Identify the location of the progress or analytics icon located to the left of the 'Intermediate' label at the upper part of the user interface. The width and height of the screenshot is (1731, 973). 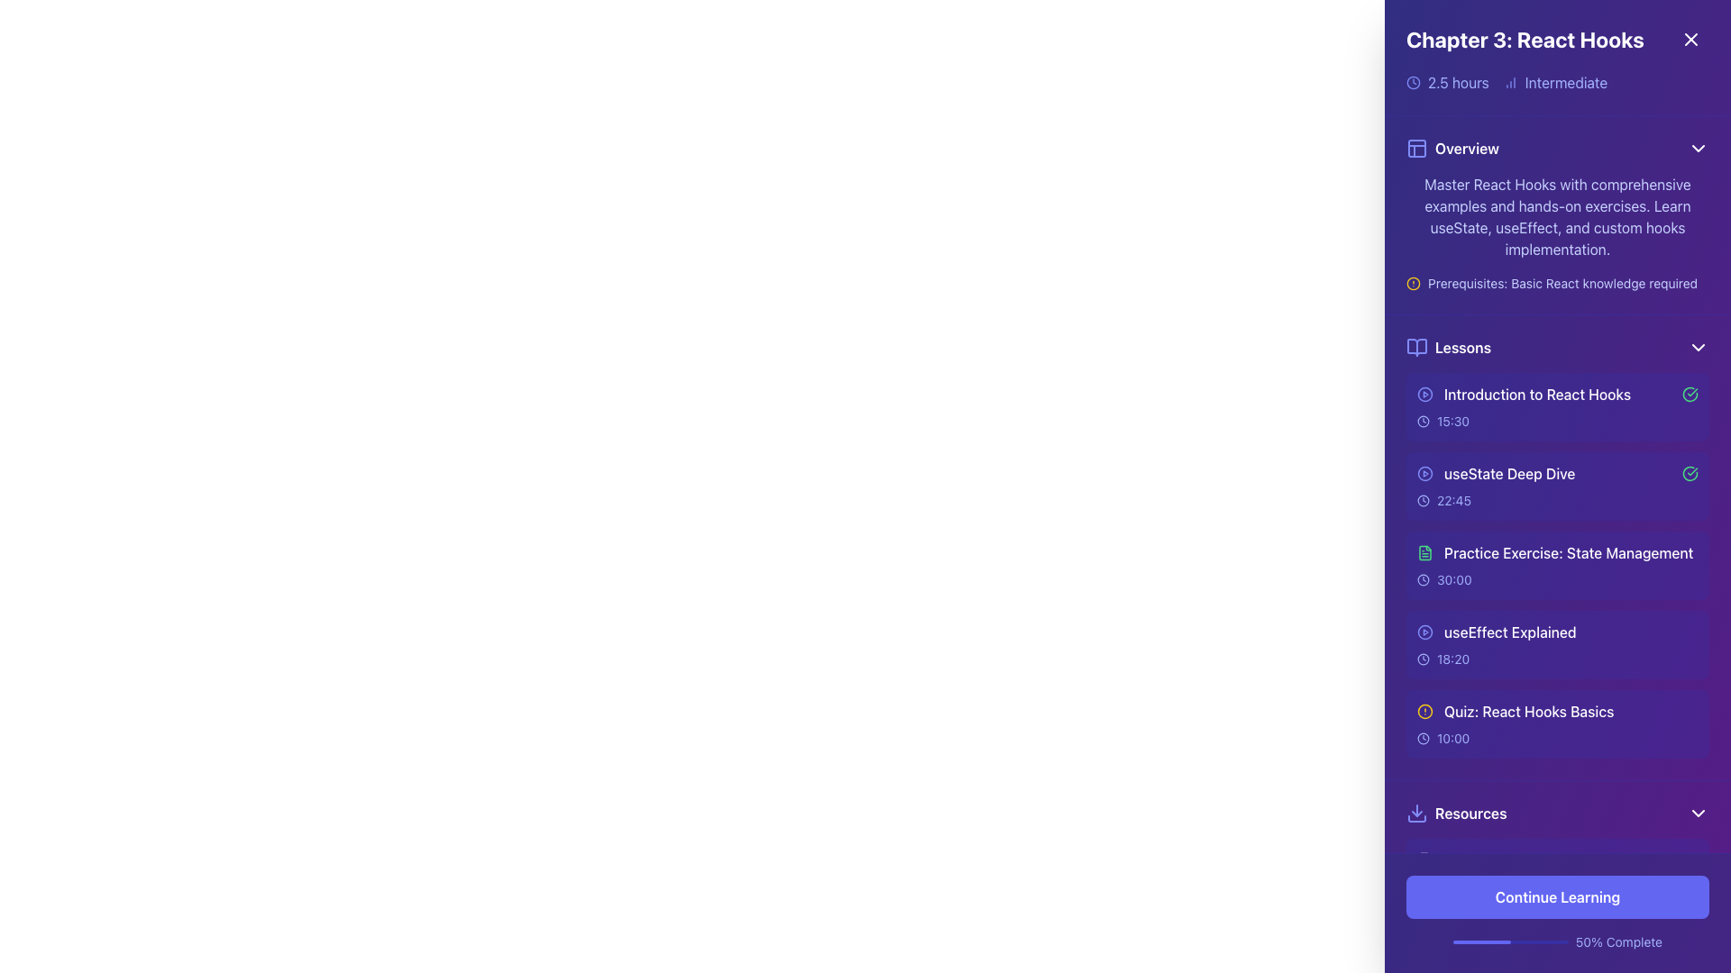
(1510, 83).